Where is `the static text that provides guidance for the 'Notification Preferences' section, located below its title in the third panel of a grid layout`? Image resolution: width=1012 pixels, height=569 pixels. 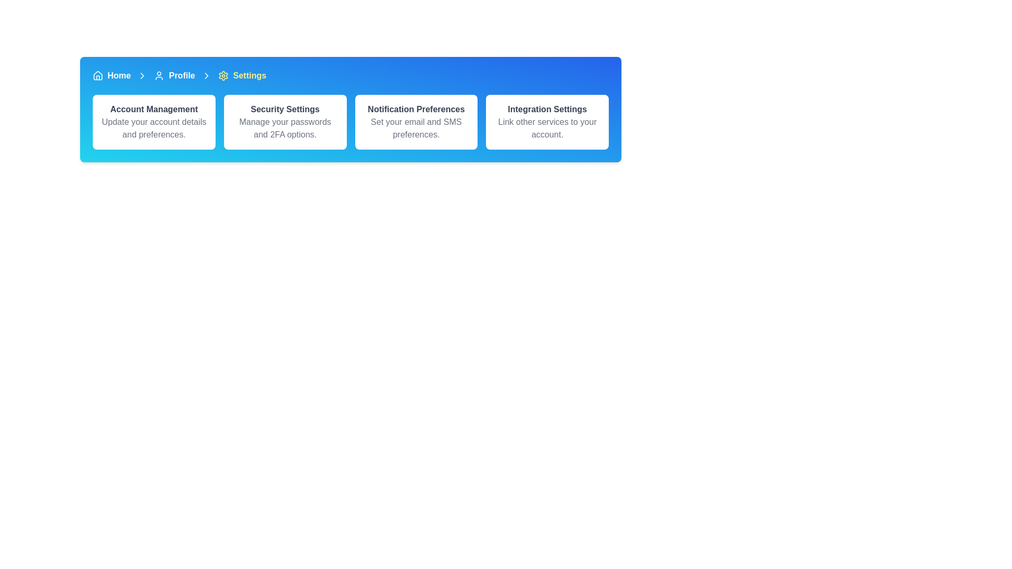
the static text that provides guidance for the 'Notification Preferences' section, located below its title in the third panel of a grid layout is located at coordinates (415, 127).